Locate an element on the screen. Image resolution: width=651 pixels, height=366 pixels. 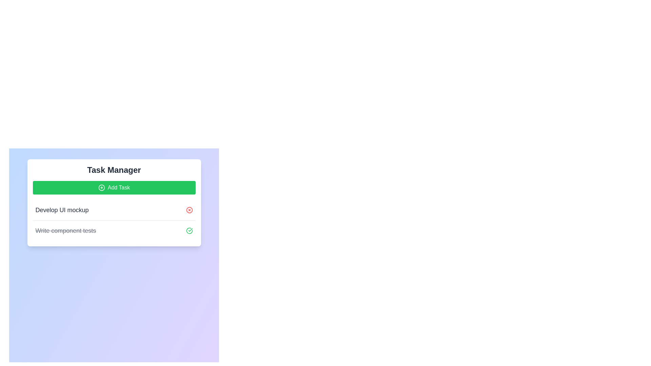
the text label reading 'Develop UI mockup', which is a bold, medium-sized, dark-gray font, located below the 'Task Manager' title and adjacent to the red delete icon is located at coordinates (62, 210).